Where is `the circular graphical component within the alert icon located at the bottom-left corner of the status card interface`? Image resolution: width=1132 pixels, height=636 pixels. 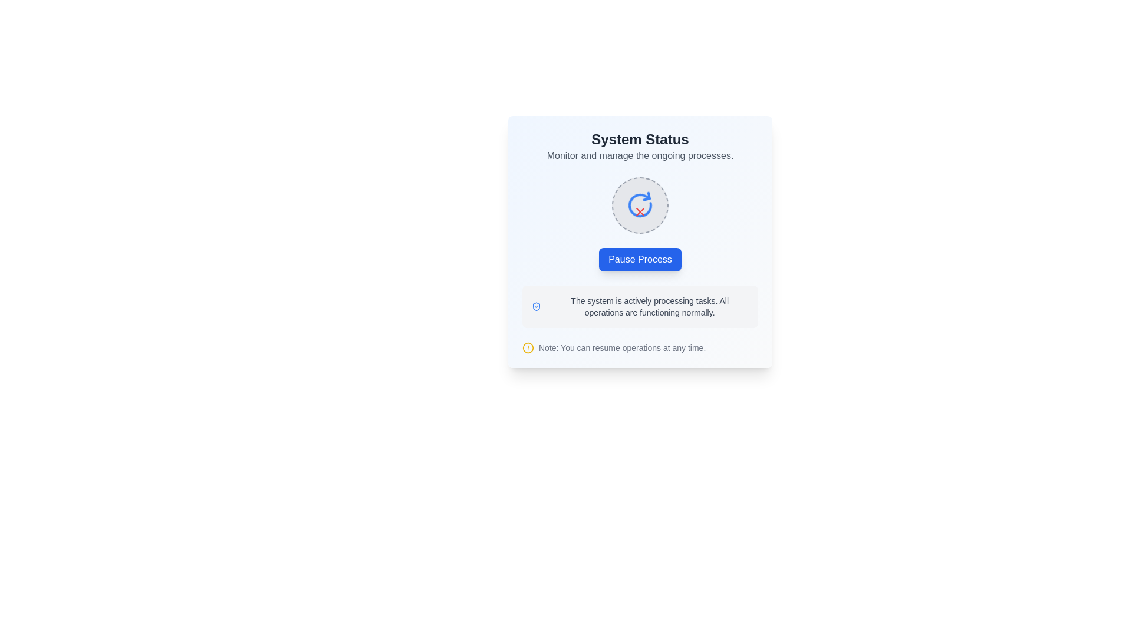
the circular graphical component within the alert icon located at the bottom-left corner of the status card interface is located at coordinates (528, 347).